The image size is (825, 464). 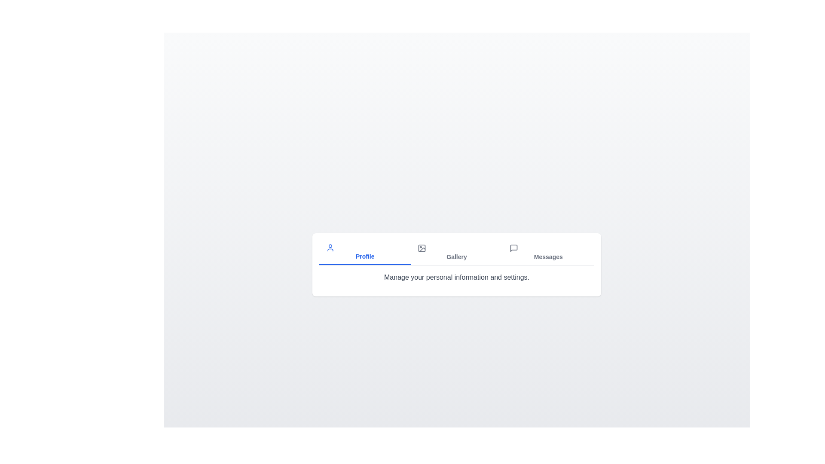 What do you see at coordinates (513, 248) in the screenshot?
I see `the icon associated with the Messages tab` at bounding box center [513, 248].